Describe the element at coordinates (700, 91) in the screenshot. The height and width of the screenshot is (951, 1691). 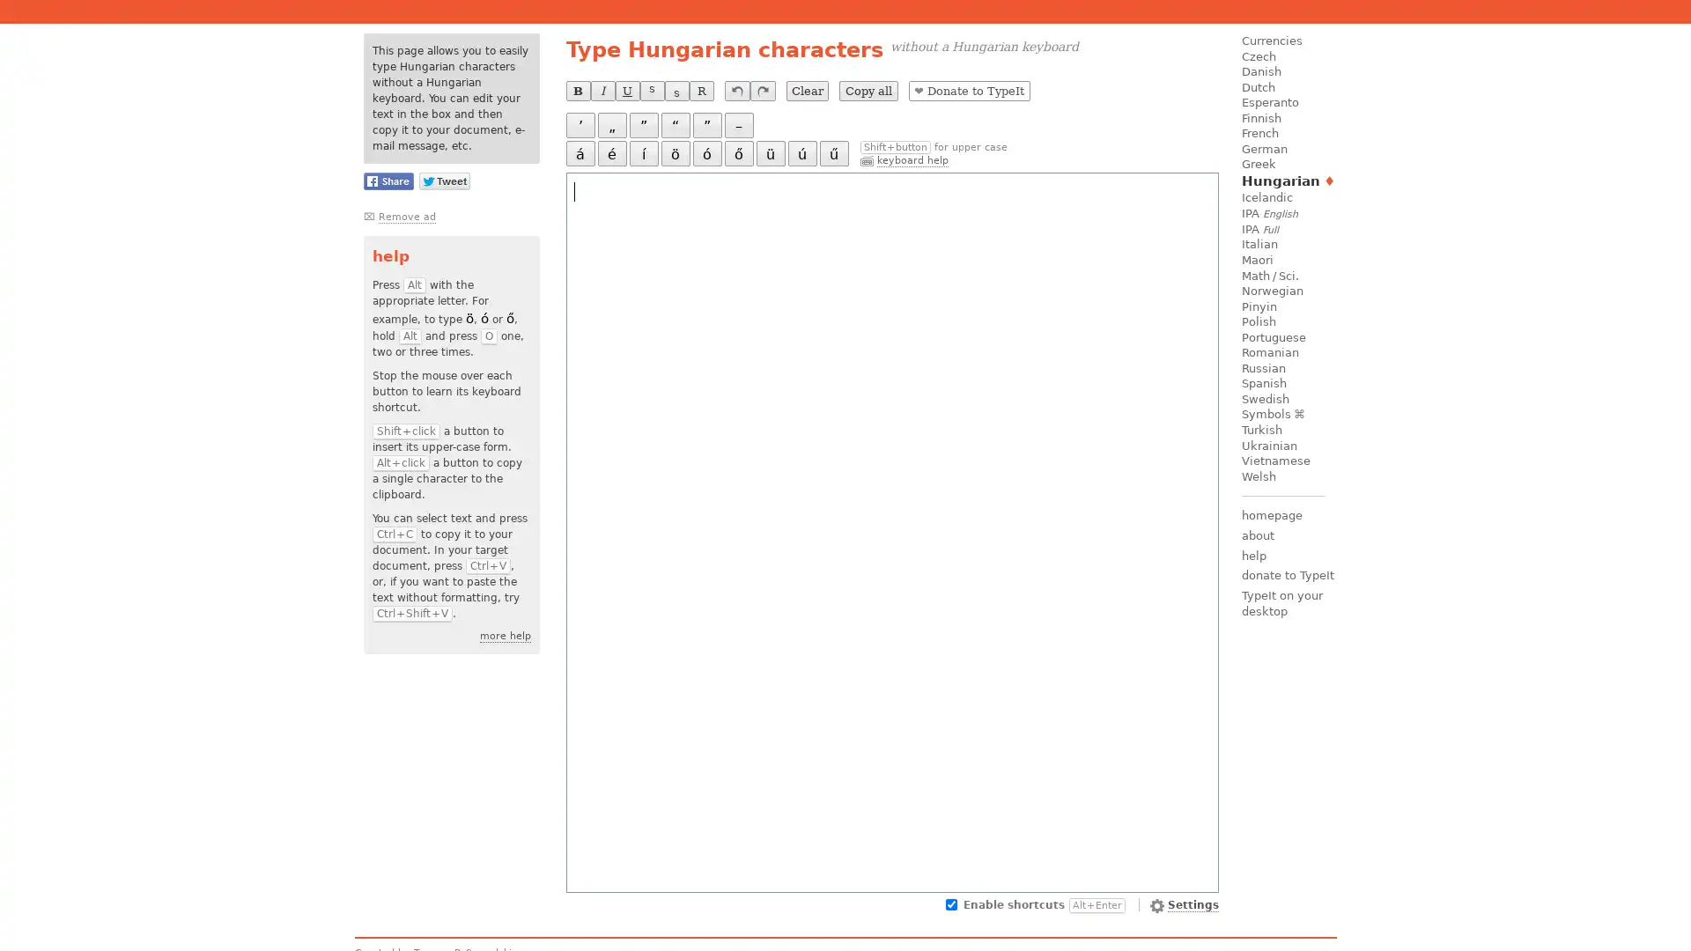
I see `R` at that location.